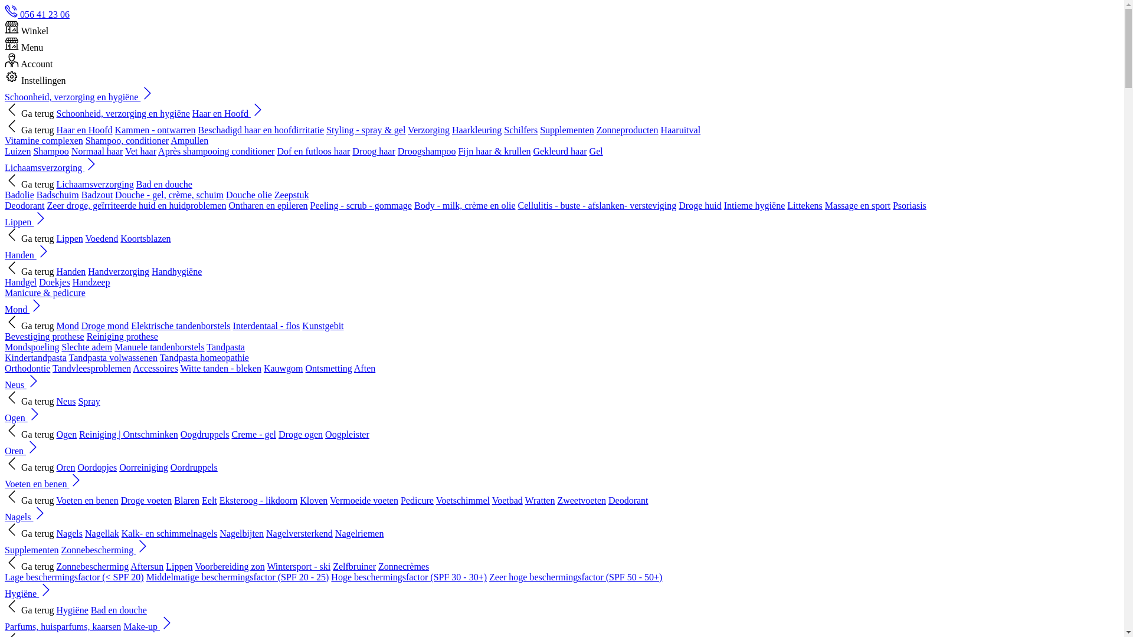 The image size is (1133, 637). I want to click on 'Zeepstuk', so click(292, 194).